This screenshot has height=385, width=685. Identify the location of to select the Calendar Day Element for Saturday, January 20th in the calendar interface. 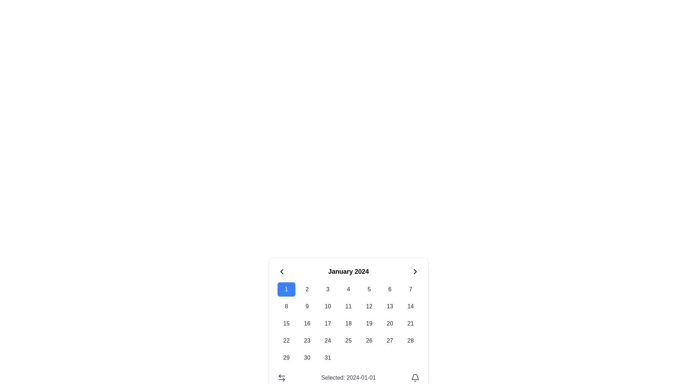
(390, 323).